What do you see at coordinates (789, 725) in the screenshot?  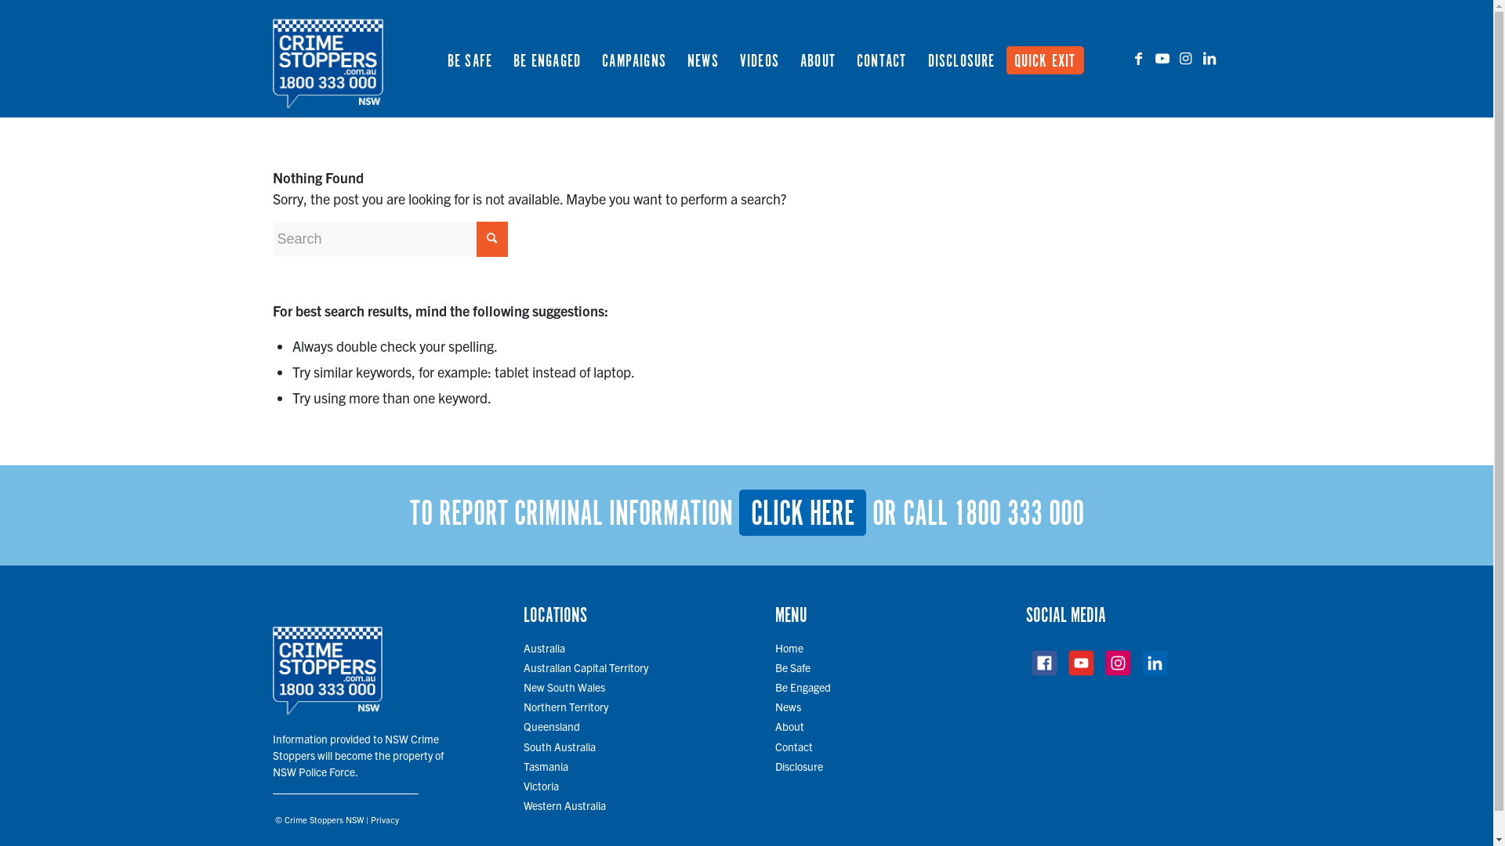 I see `'About'` at bounding box center [789, 725].